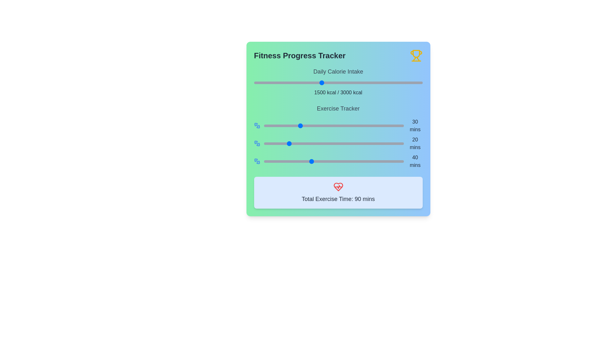 The width and height of the screenshot is (613, 344). What do you see at coordinates (278, 144) in the screenshot?
I see `the slider value` at bounding box center [278, 144].